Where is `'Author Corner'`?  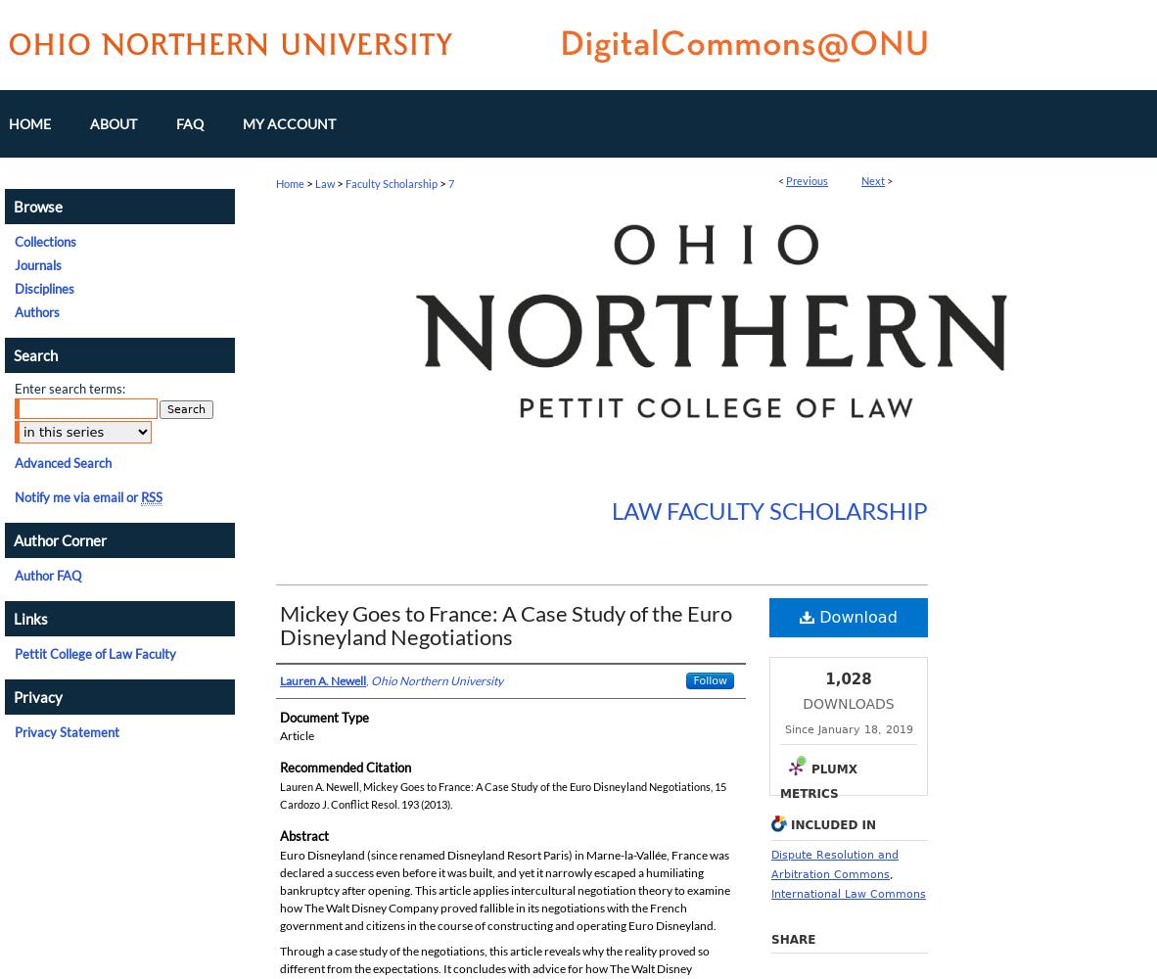 'Author Corner' is located at coordinates (59, 539).